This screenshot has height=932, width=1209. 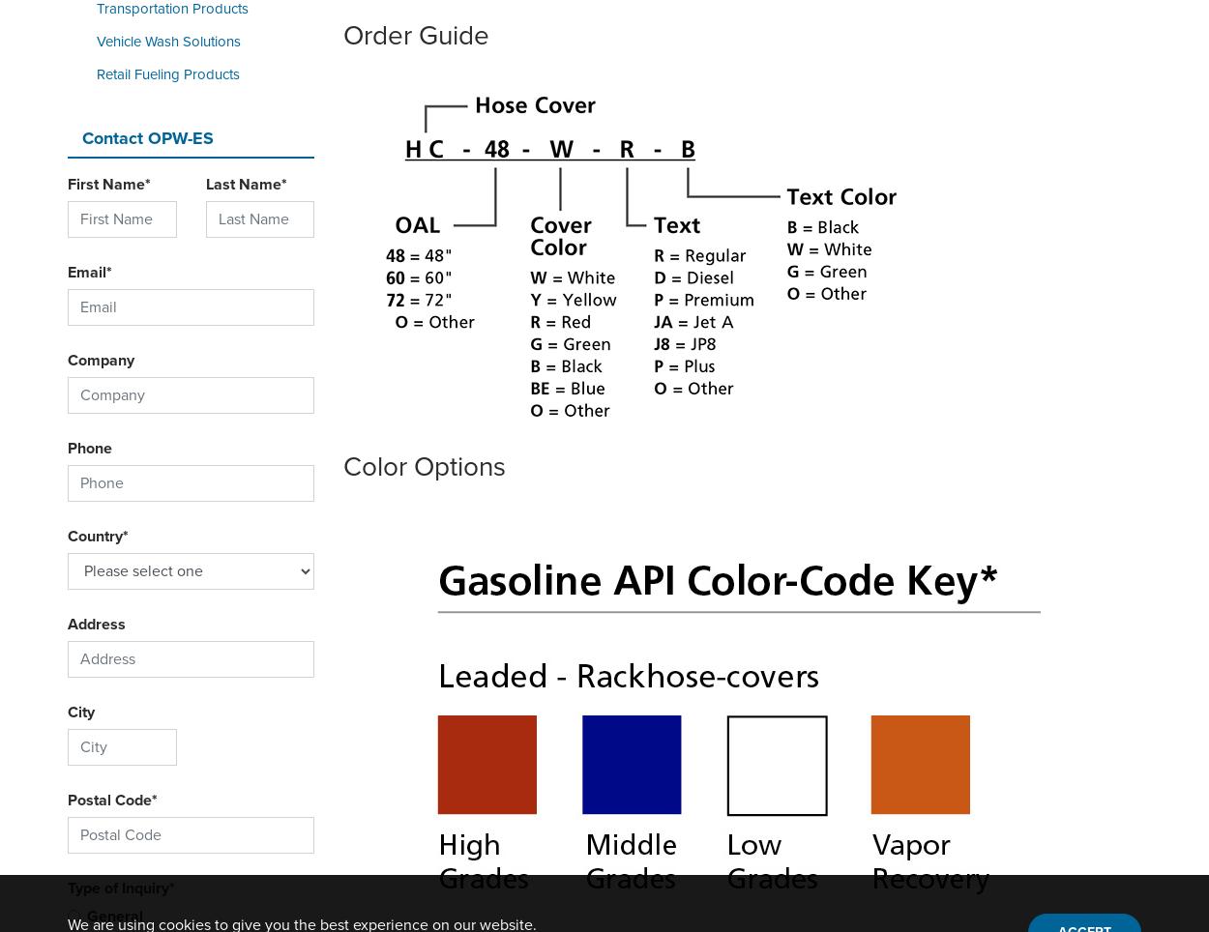 I want to click on 'Country*', so click(x=67, y=536).